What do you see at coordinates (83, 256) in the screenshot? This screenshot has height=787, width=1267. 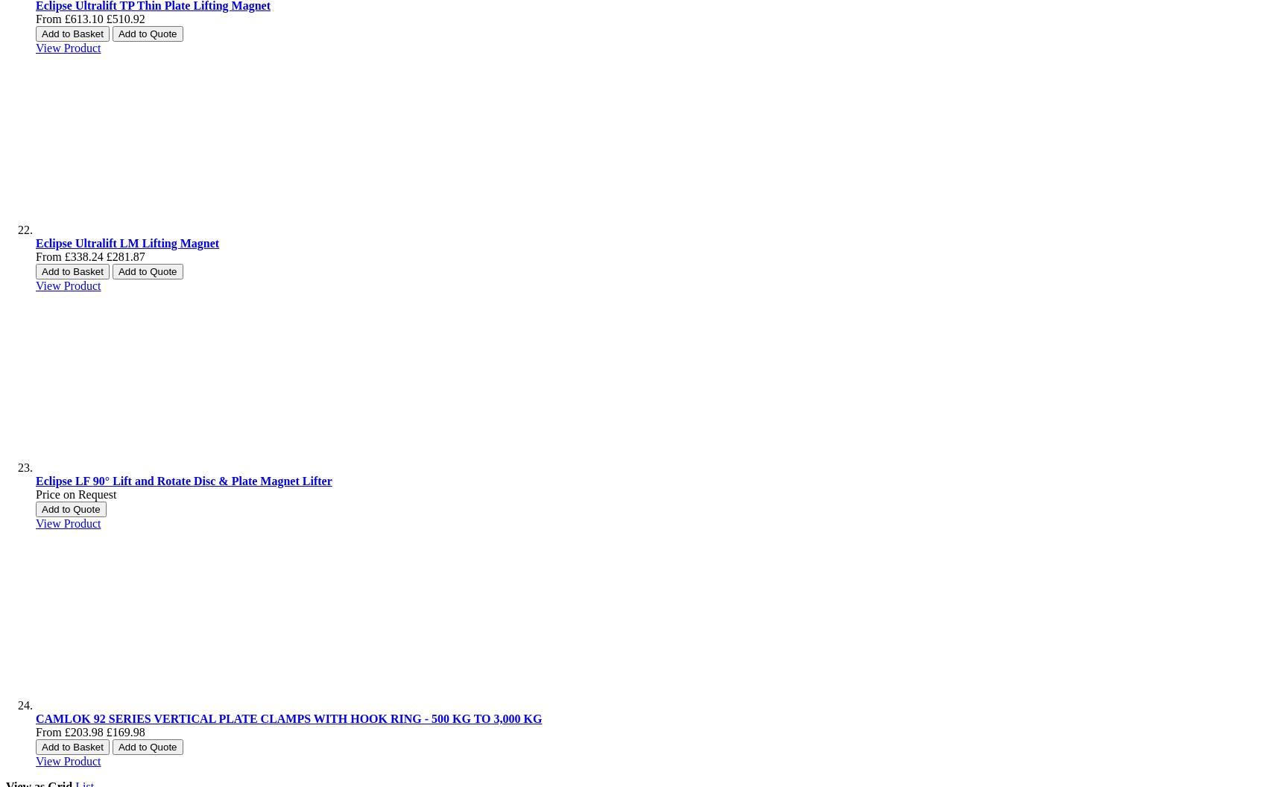 I see `'£338.24'` at bounding box center [83, 256].